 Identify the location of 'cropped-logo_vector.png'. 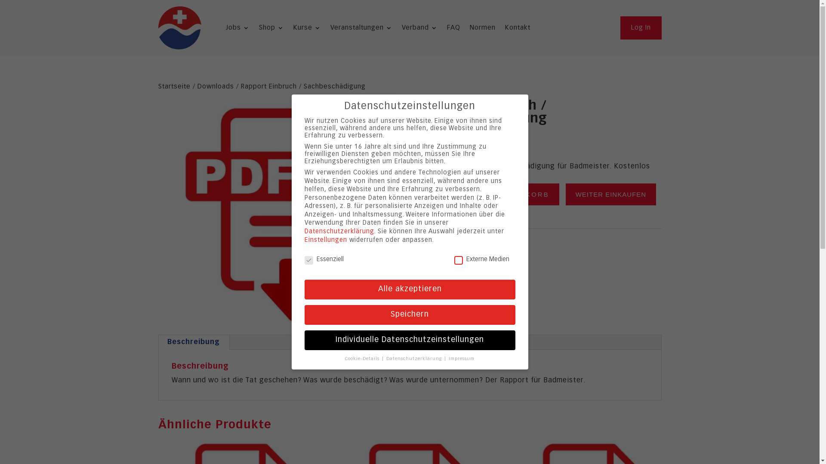
(179, 27).